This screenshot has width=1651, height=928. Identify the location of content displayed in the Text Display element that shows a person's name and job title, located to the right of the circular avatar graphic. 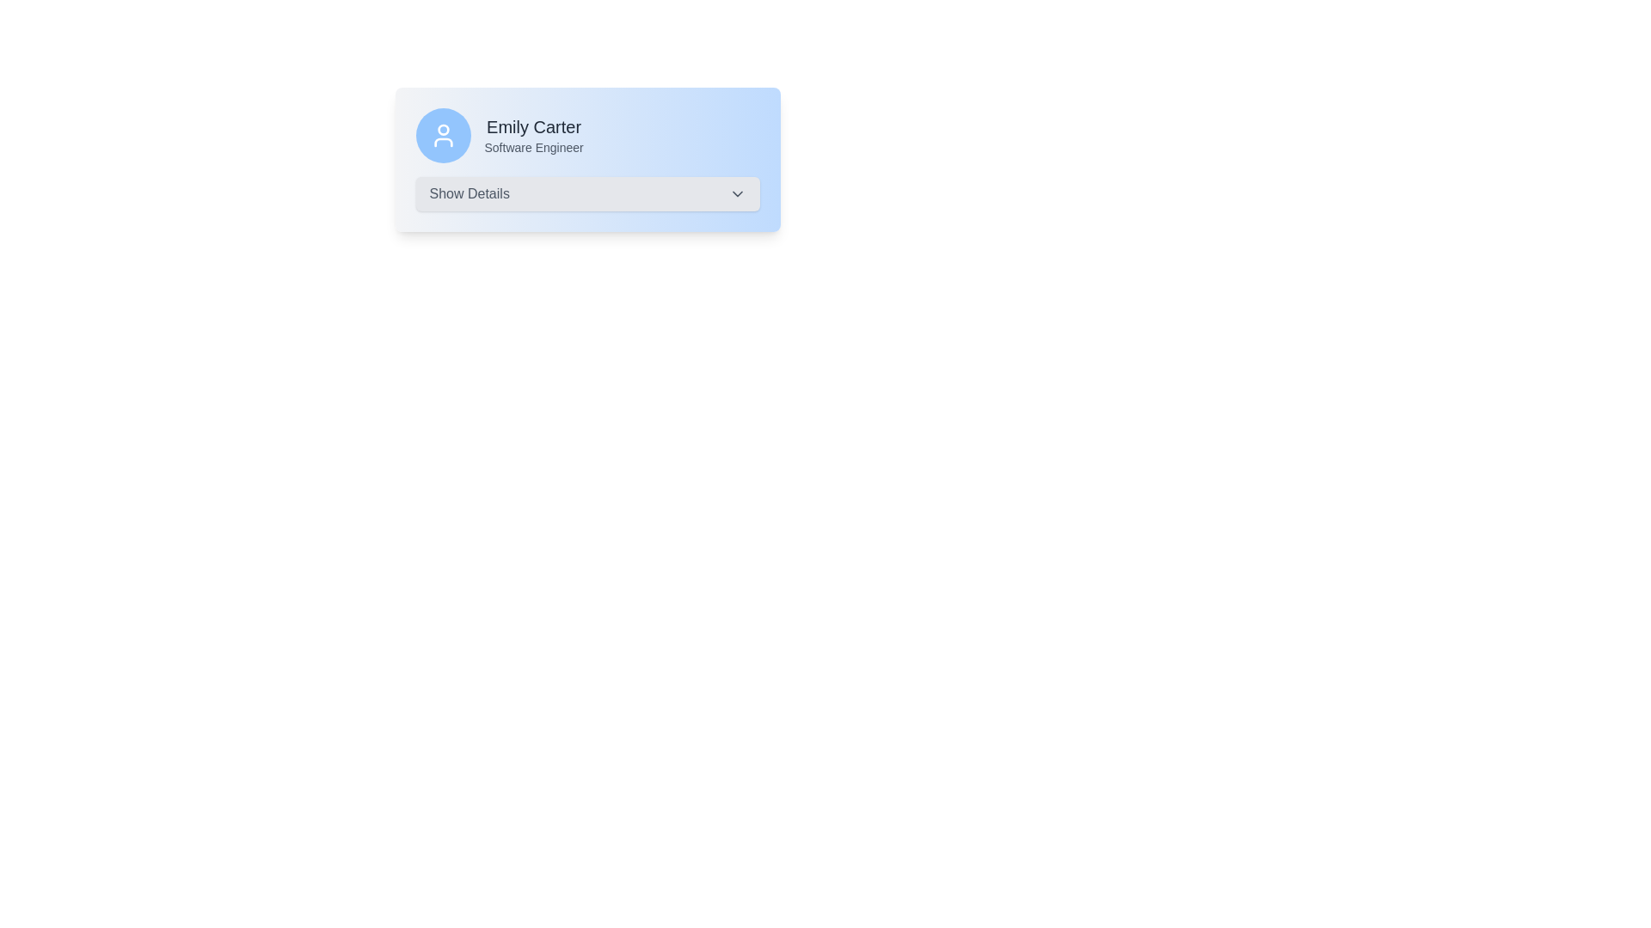
(533, 135).